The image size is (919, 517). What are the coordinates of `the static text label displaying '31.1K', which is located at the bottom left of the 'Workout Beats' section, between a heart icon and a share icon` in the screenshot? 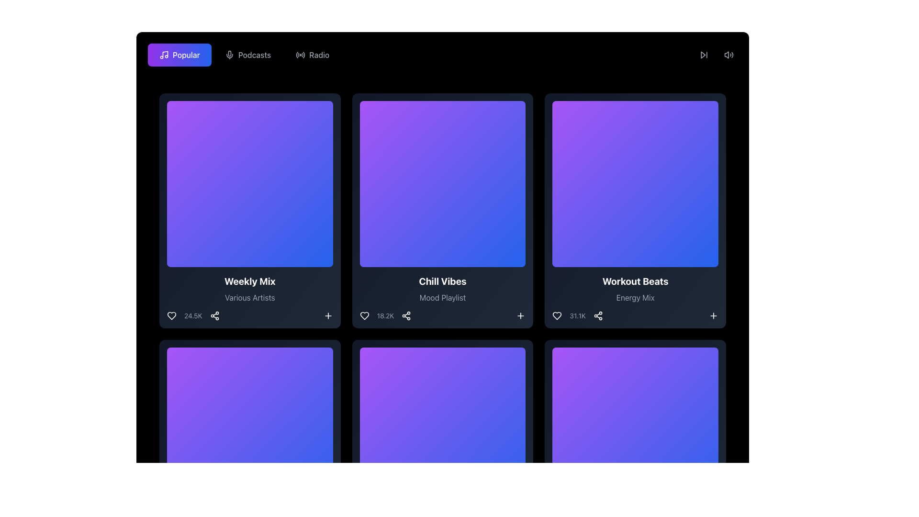 It's located at (577, 315).